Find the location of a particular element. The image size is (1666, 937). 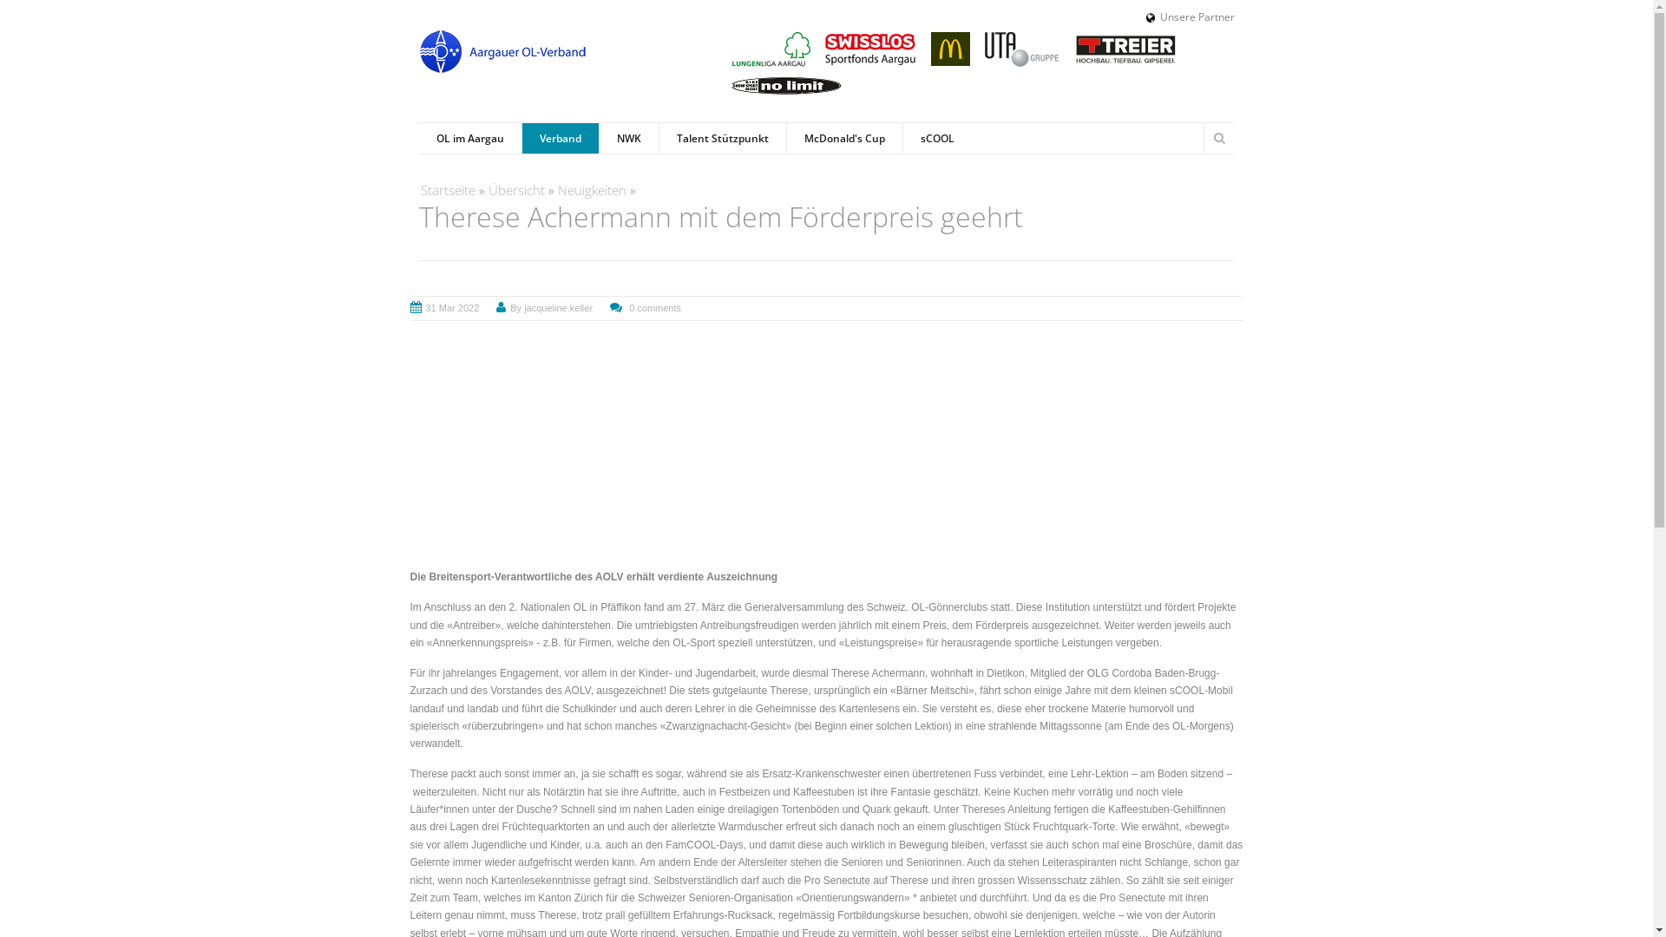

'0 comments' is located at coordinates (653, 306).